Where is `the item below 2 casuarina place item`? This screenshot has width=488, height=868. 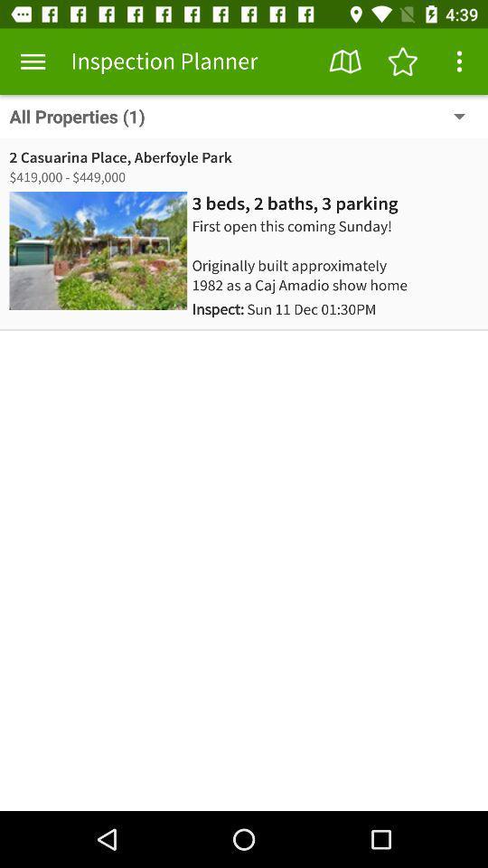 the item below 2 casuarina place item is located at coordinates (295, 203).